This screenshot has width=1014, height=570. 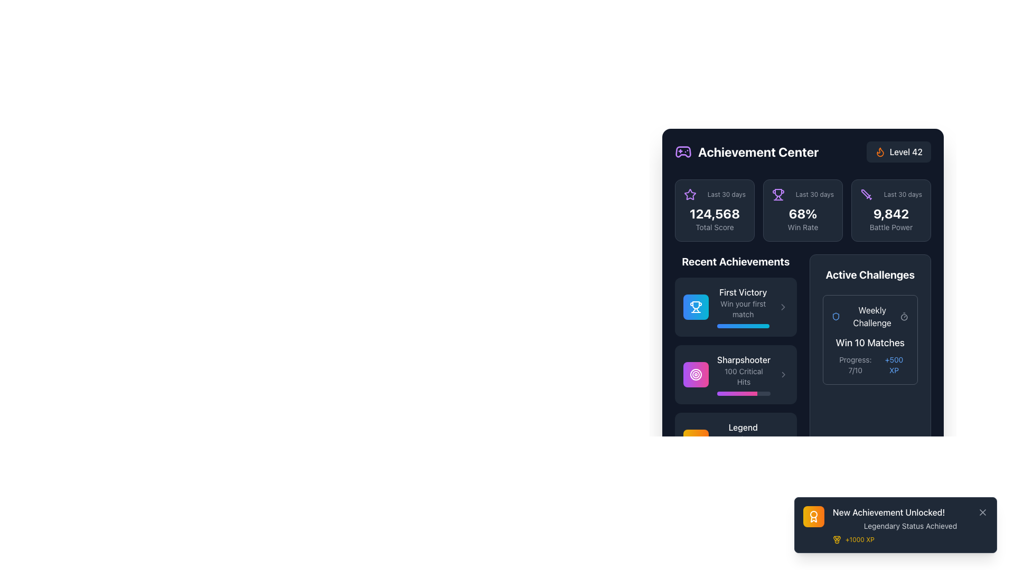 I want to click on the purple sword-like SVG graphic element located near the top right of the achievement panel interface, to the left of the level or status text label, so click(x=866, y=194).